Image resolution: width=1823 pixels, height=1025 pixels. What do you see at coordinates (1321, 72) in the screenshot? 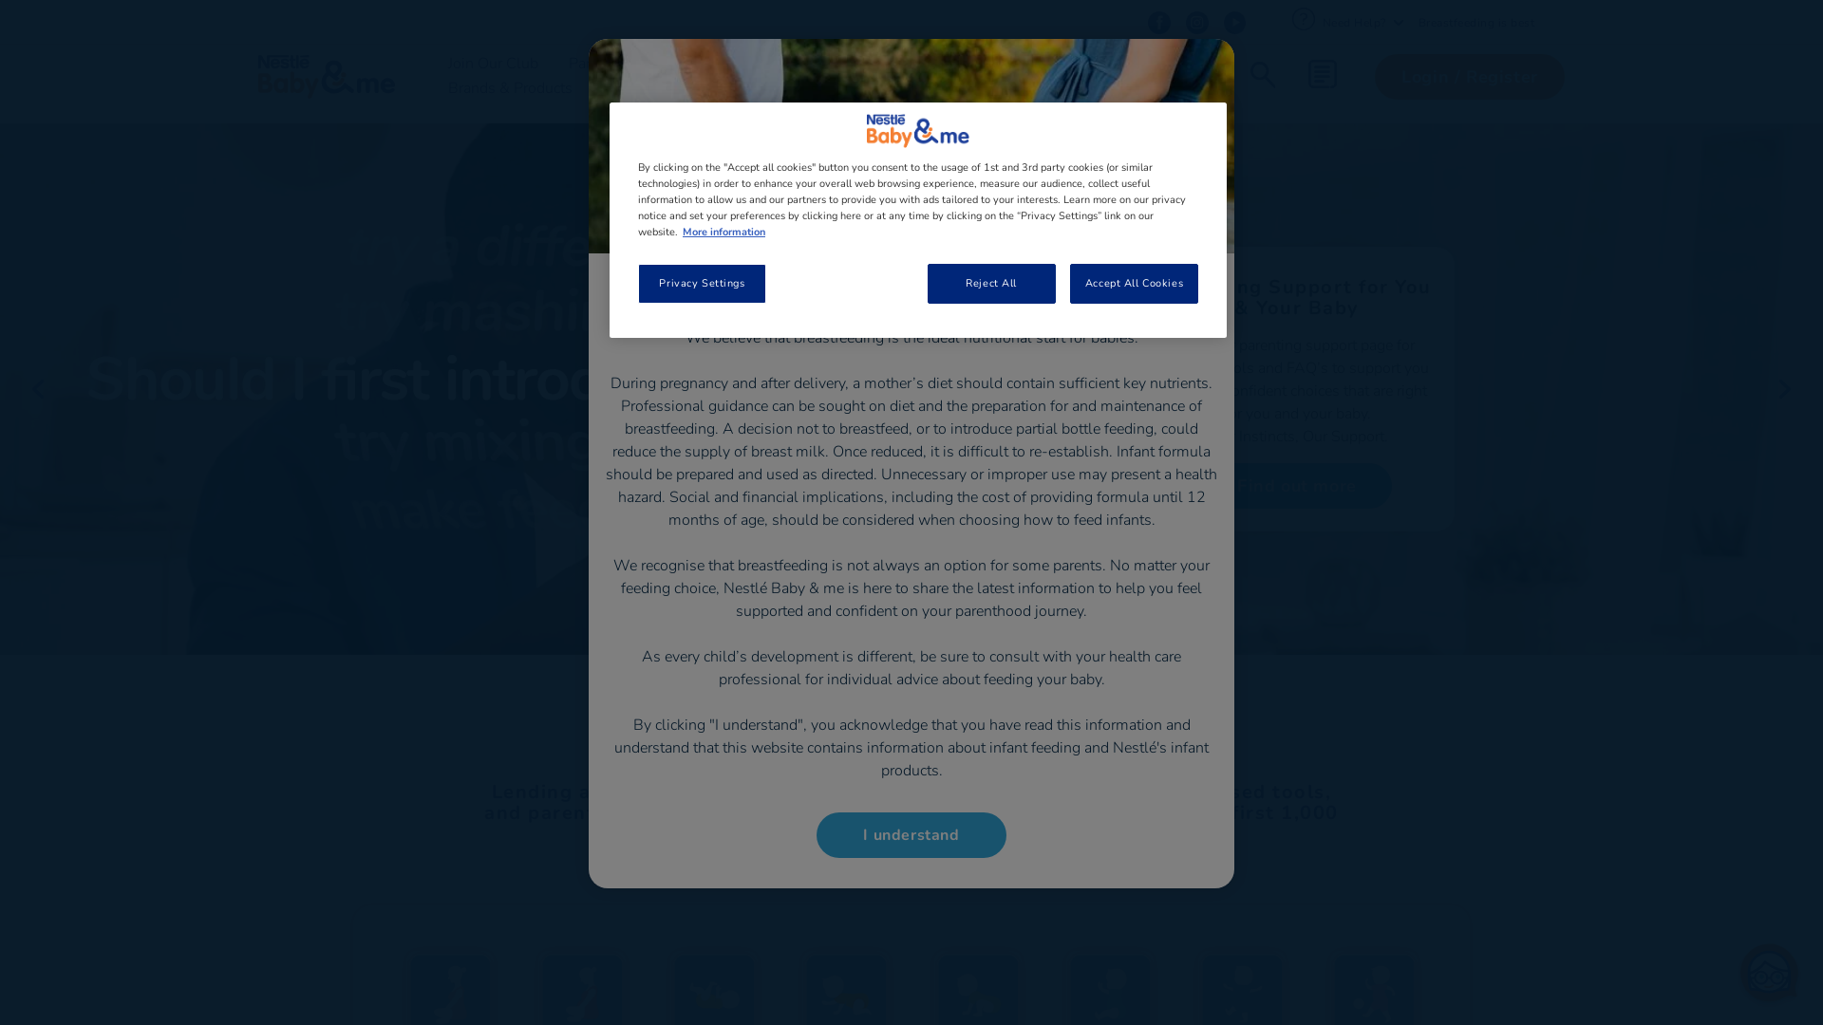
I see `'MyFeed Personalized Content'` at bounding box center [1321, 72].